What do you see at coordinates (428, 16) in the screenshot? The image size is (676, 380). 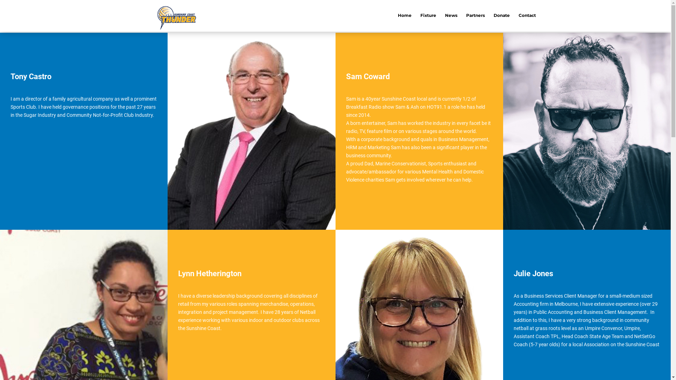 I see `'Fixture'` at bounding box center [428, 16].